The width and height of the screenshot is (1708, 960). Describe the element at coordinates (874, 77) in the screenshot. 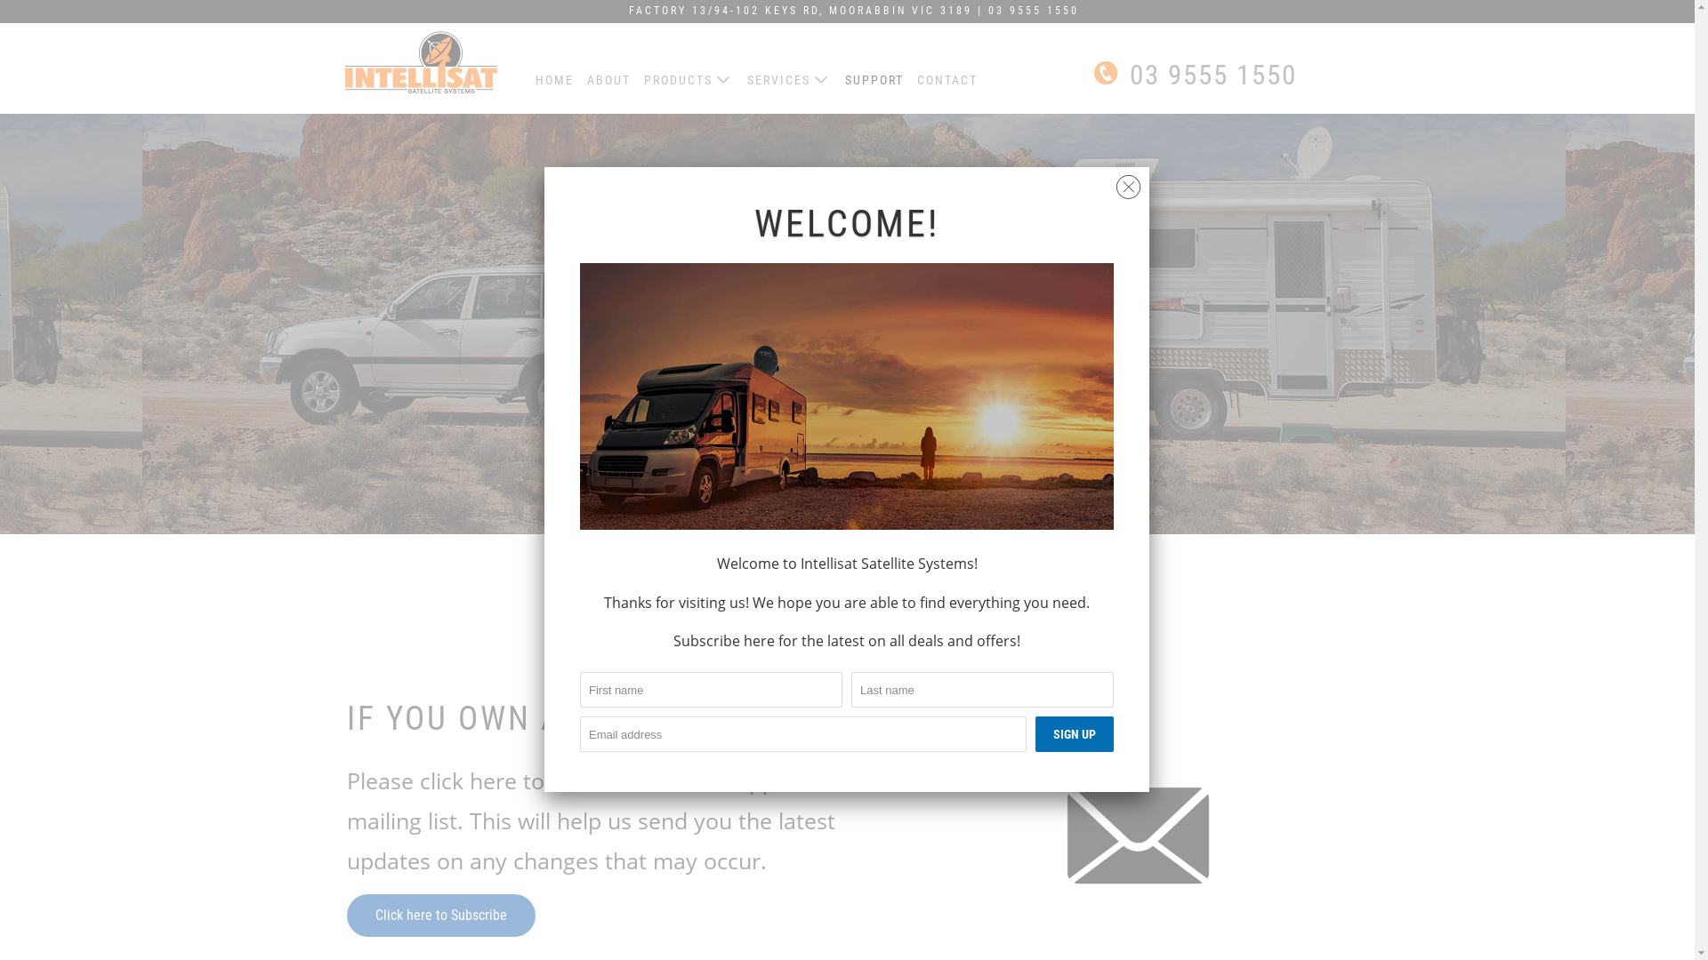

I see `'SUPPORT'` at that location.